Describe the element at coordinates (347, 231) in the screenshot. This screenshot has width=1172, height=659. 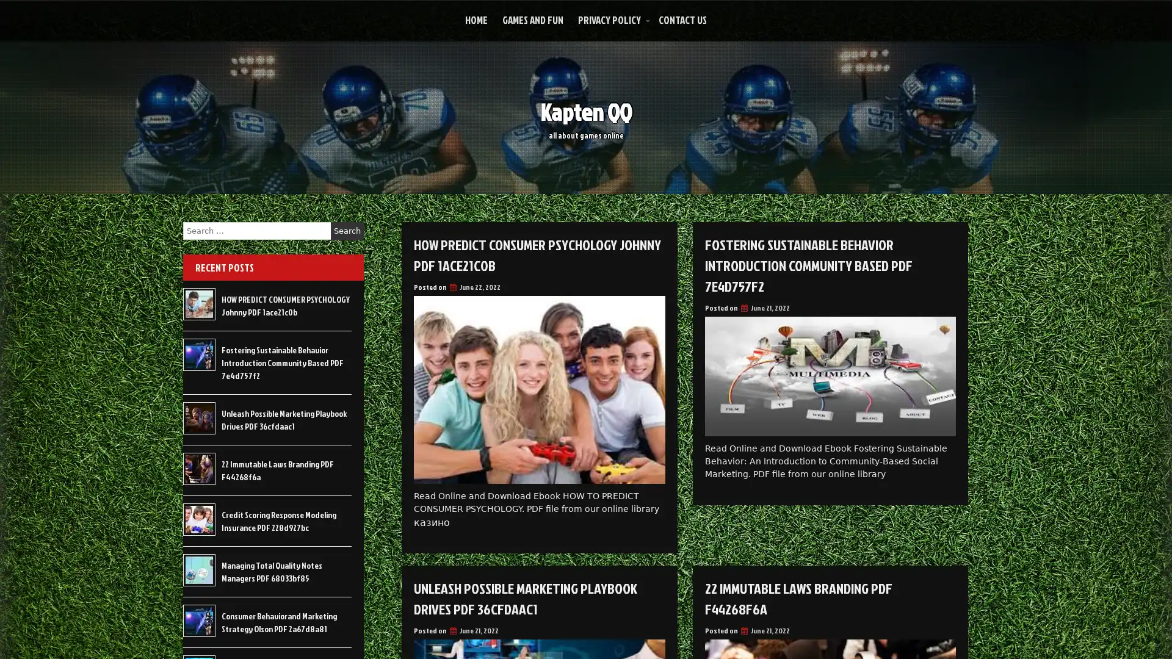
I see `Search` at that location.